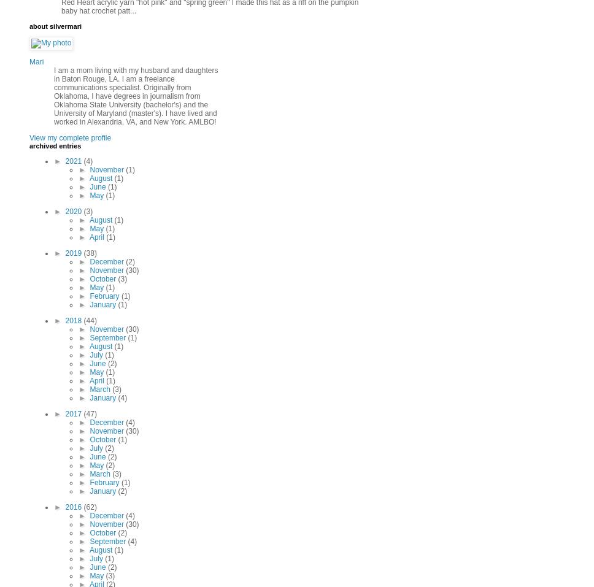 The width and height of the screenshot is (594, 587). Describe the element at coordinates (70, 137) in the screenshot. I see `'View my complete profile'` at that location.